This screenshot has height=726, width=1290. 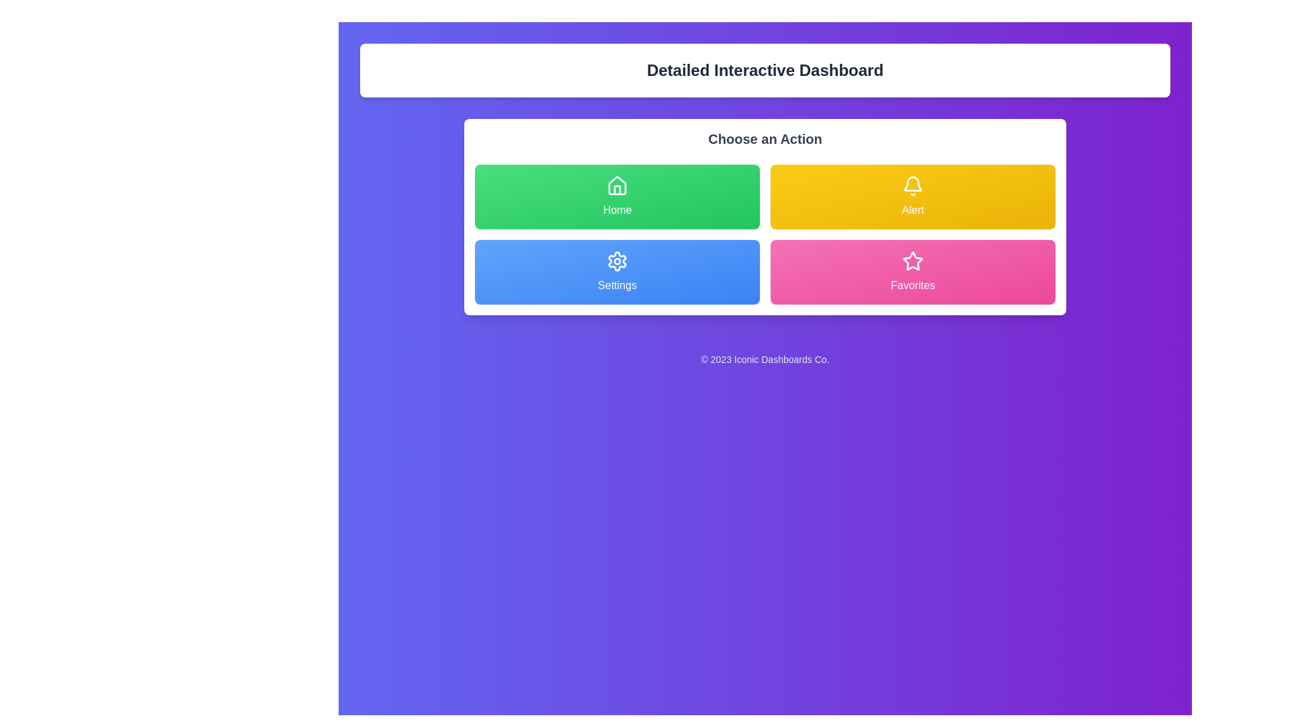 What do you see at coordinates (616, 272) in the screenshot?
I see `the settings button located in the left column of the second row in a 2x2 grid layout, beneath the 'Home' button, to trigger potential hover effects` at bounding box center [616, 272].